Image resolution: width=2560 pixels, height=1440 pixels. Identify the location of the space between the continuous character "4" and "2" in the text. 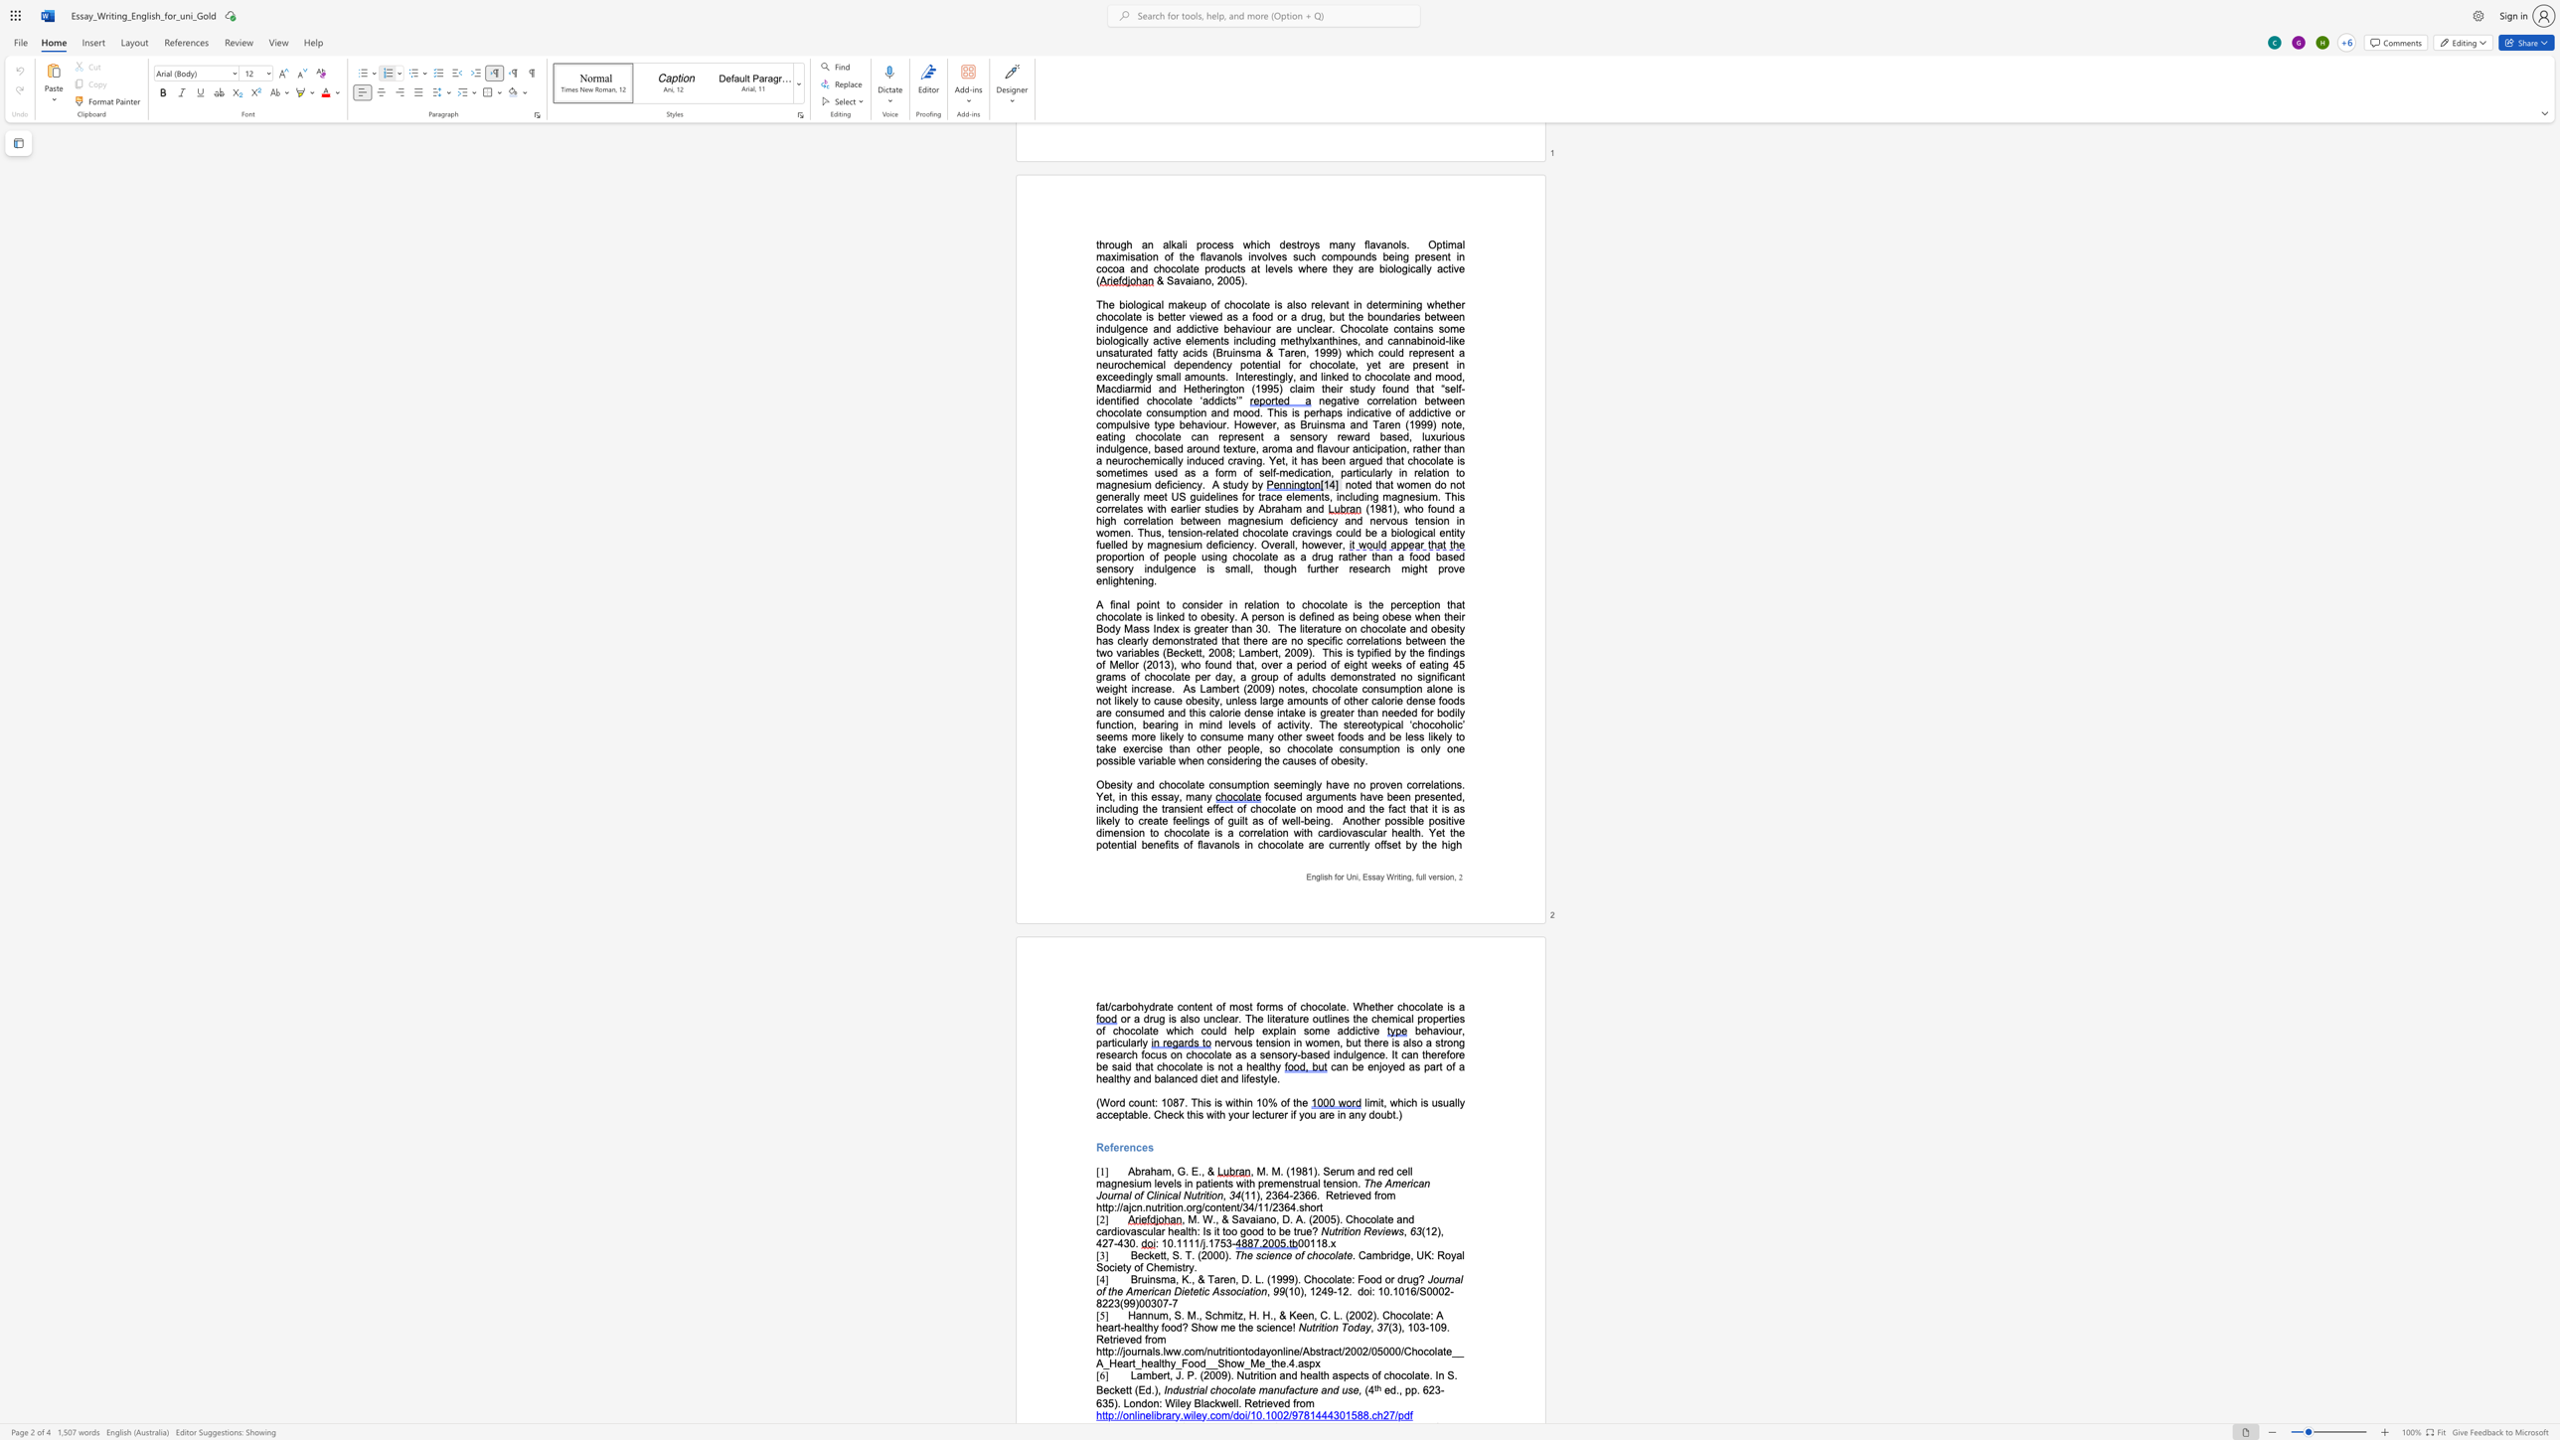
(1101, 1242).